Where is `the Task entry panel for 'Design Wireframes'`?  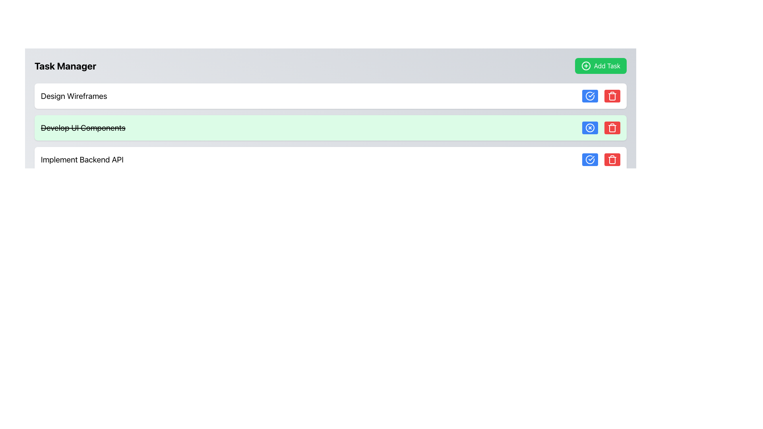 the Task entry panel for 'Design Wireframes' is located at coordinates (330, 96).